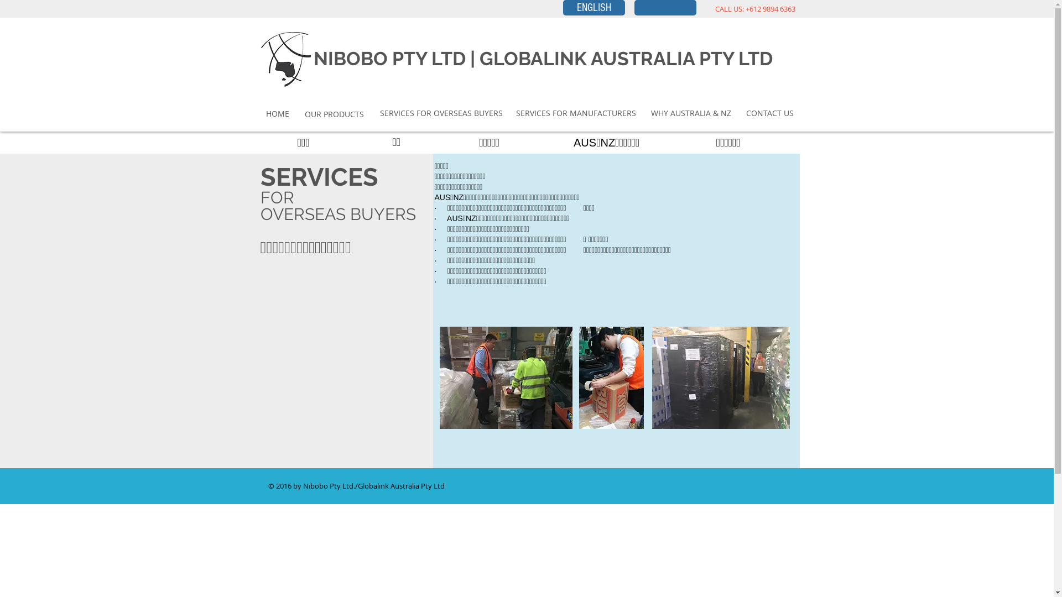 The width and height of the screenshot is (1062, 597). I want to click on 'NIBOBO PTY LTD', so click(389, 58).